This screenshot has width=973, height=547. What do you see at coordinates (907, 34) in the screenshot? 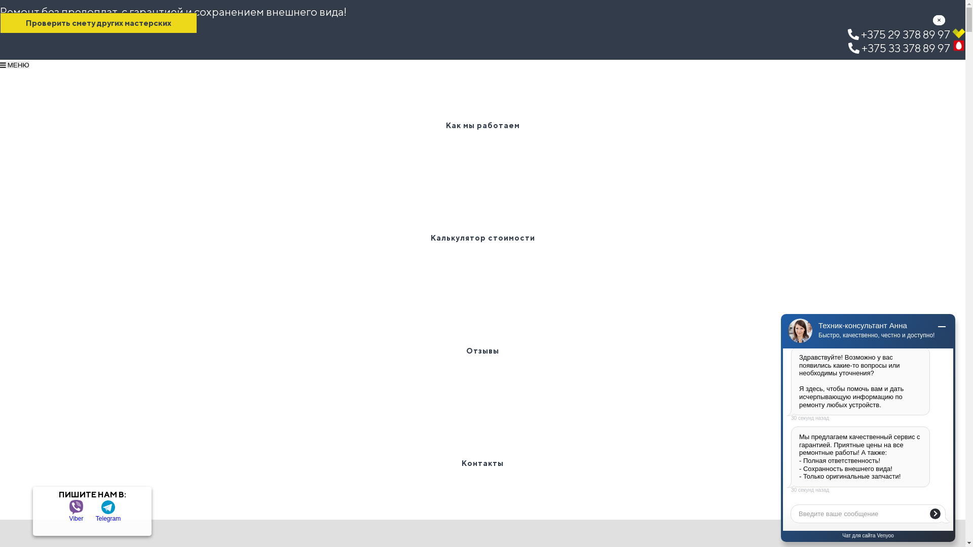
I see `'+375 29 378 89 97'` at bounding box center [907, 34].